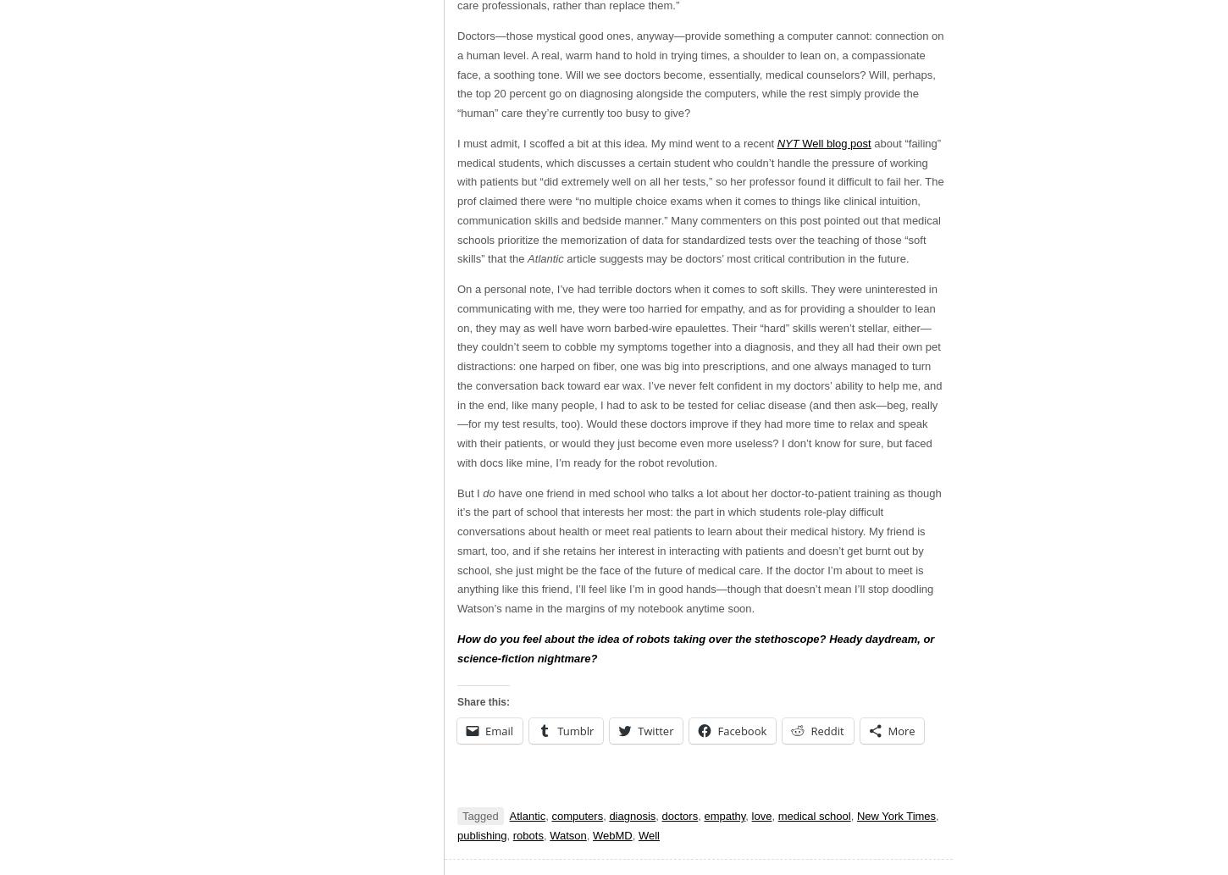  What do you see at coordinates (456, 648) in the screenshot?
I see `'How do you feel about the idea of robots taking over the stethoscope? Heady daydream, or science-fiction nightmare?'` at bounding box center [456, 648].